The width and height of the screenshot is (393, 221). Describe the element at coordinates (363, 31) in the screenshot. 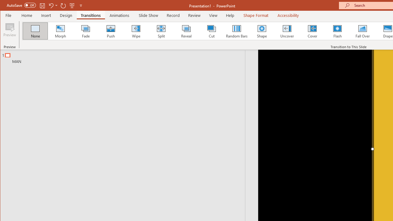

I see `'Fall Over'` at that location.